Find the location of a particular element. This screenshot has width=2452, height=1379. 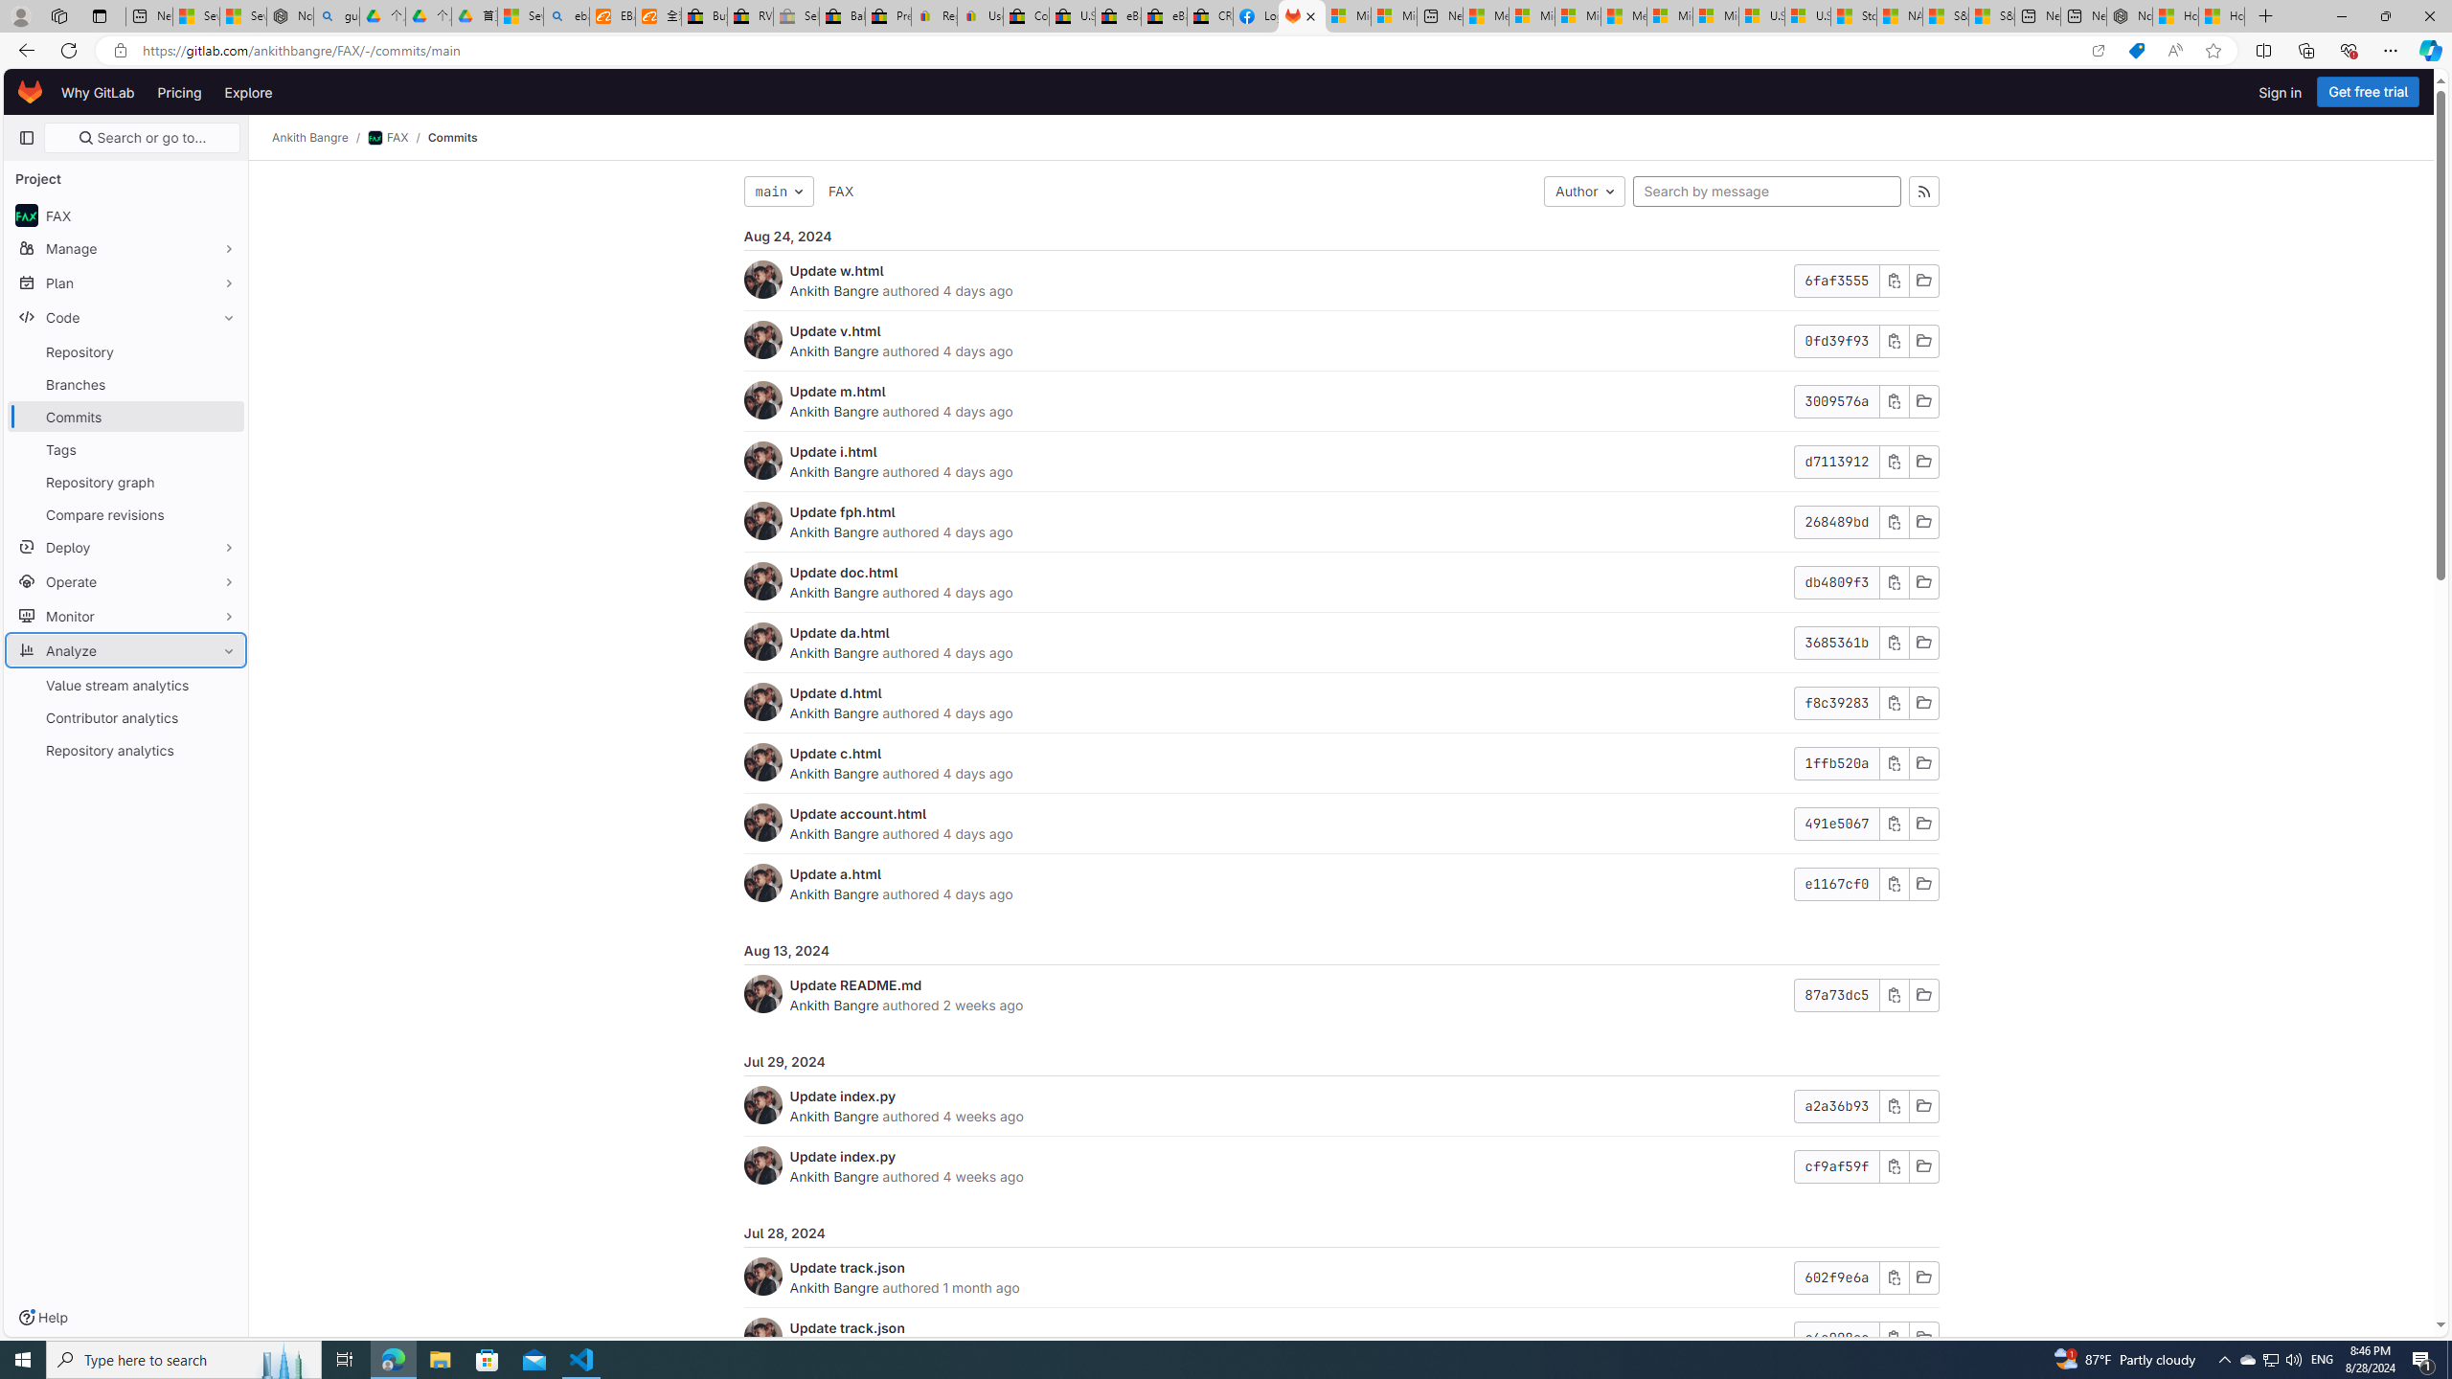

'Update account.html' is located at coordinates (858, 813).